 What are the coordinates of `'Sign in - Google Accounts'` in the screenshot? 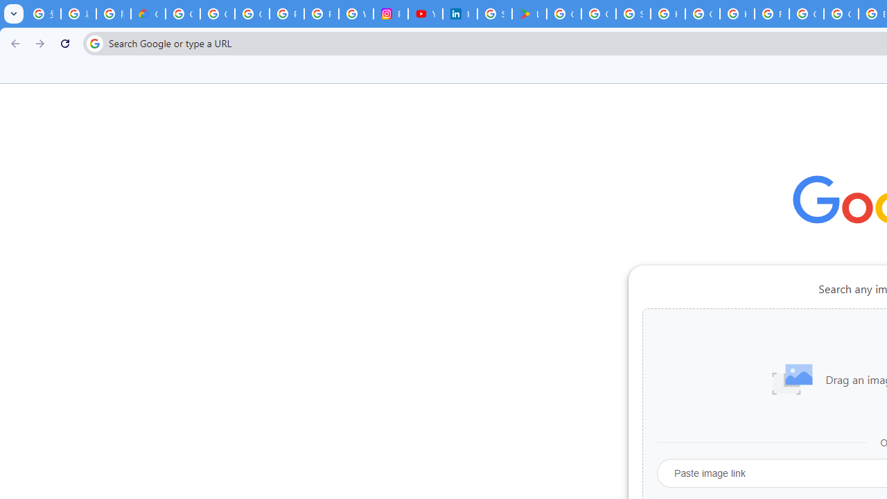 It's located at (633, 14).